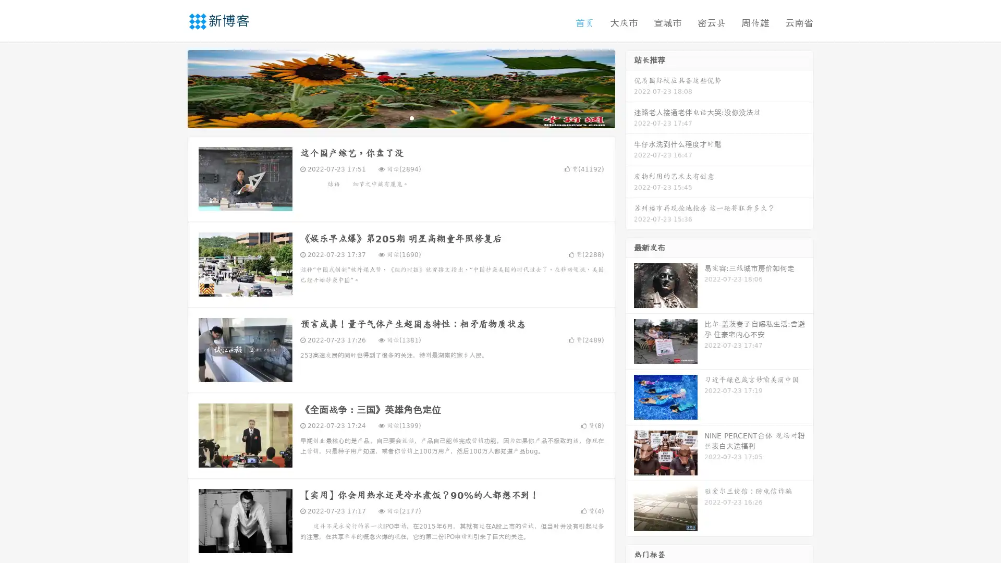 The image size is (1001, 563). I want to click on Next slide, so click(630, 88).